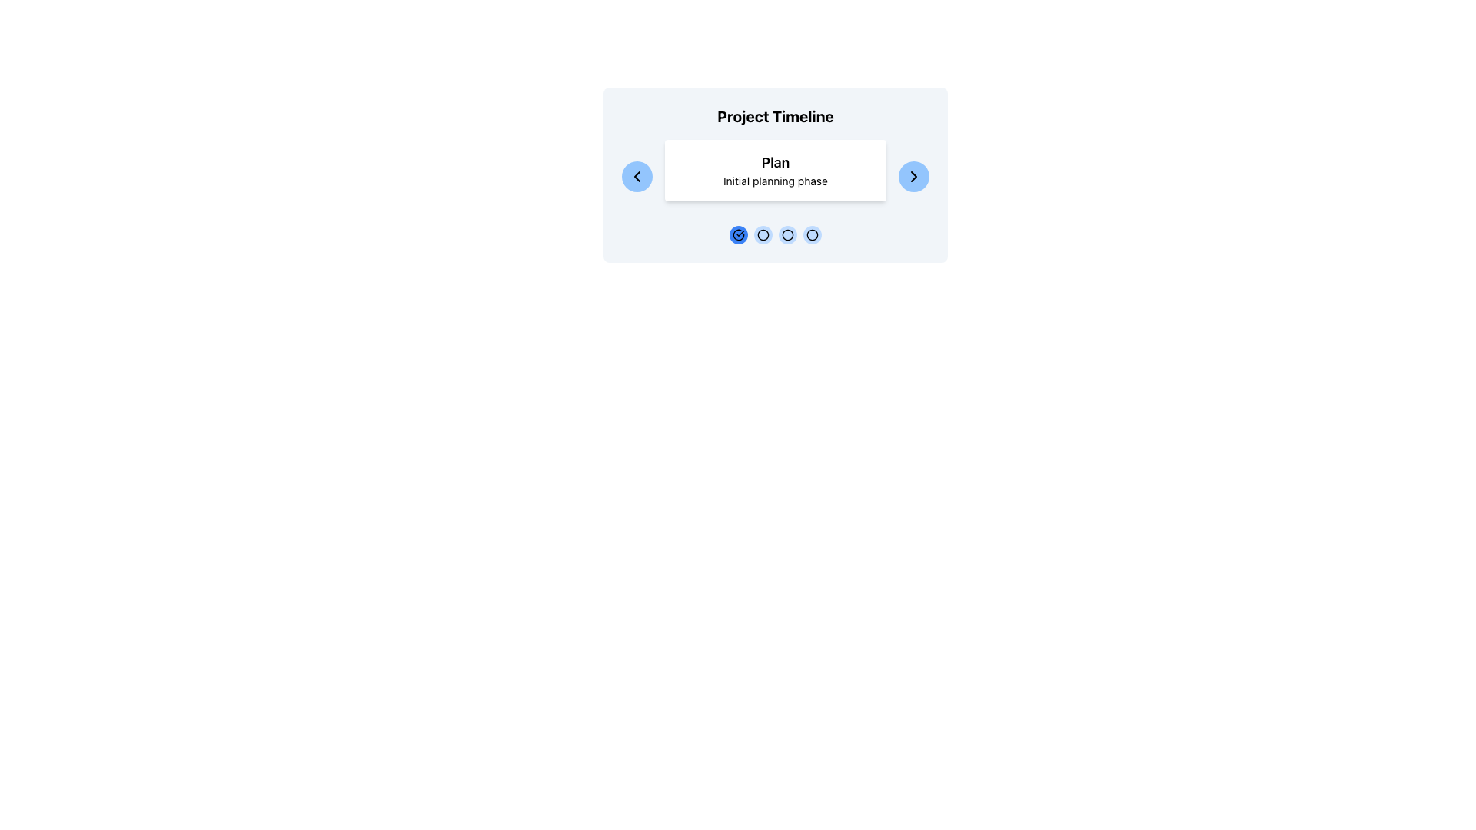 This screenshot has height=830, width=1476. I want to click on the second navigation button located at the center-bottom of the interface, so click(763, 234).